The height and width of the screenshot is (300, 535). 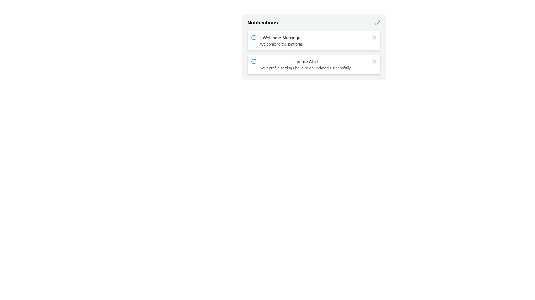 What do you see at coordinates (374, 61) in the screenshot?
I see `the close button located at the top-right corner of the notification card titled 'Update Alert'` at bounding box center [374, 61].